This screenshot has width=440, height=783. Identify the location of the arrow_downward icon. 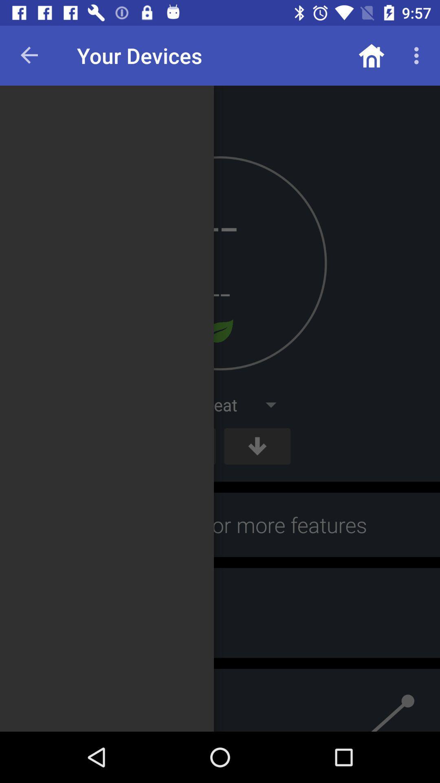
(257, 446).